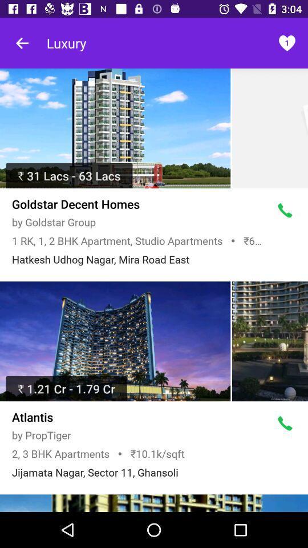  I want to click on press this symbol to call us, so click(285, 423).